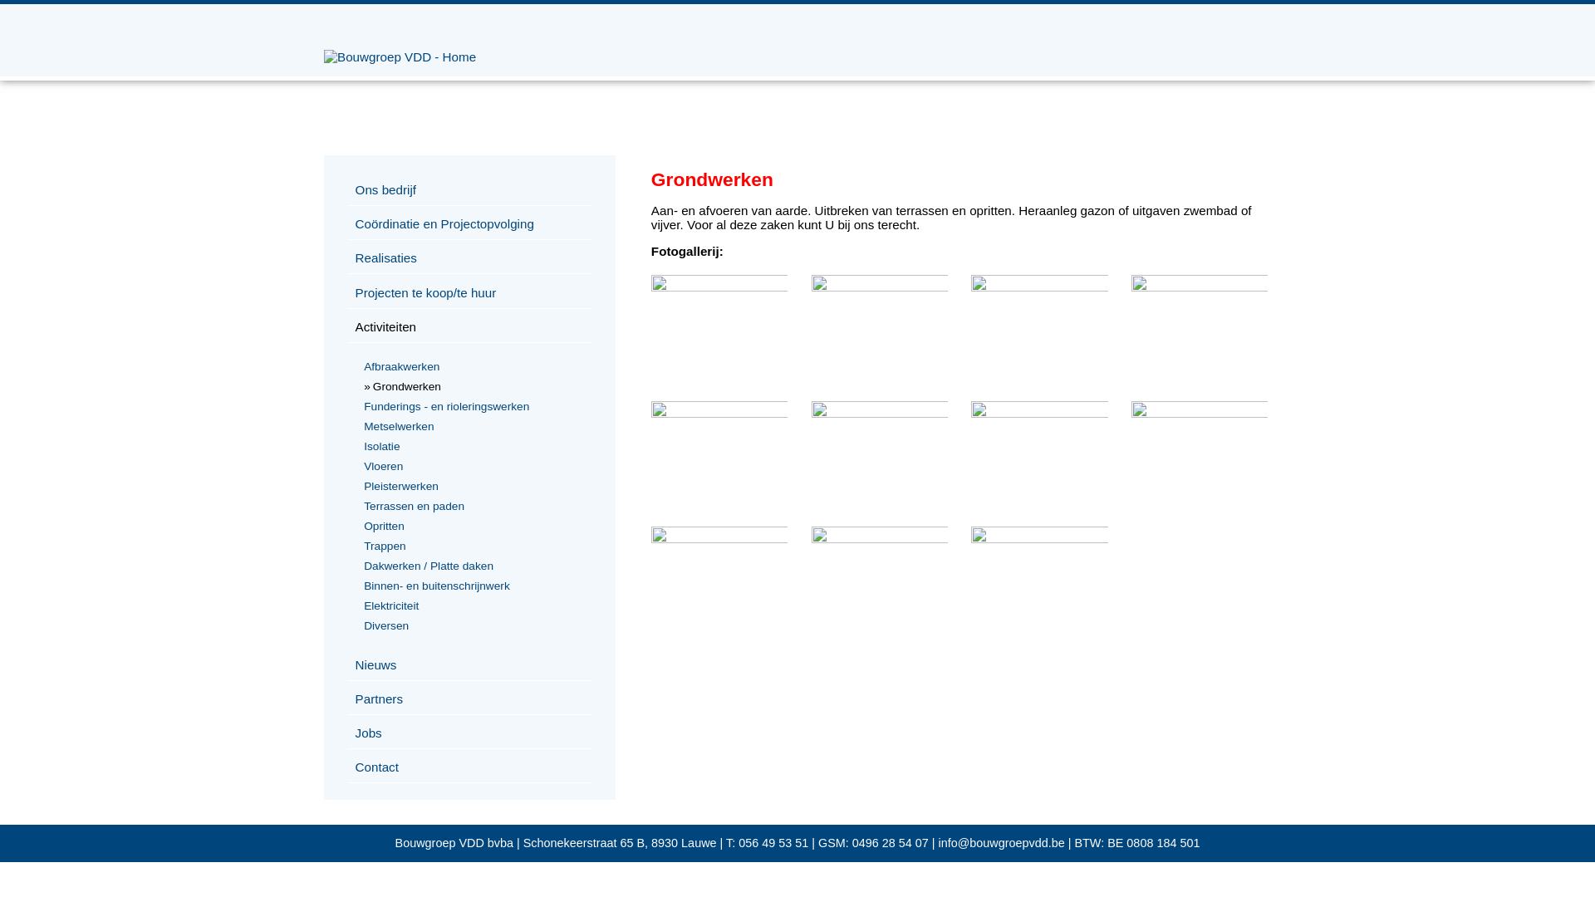  Describe the element at coordinates (469, 733) in the screenshot. I see `'Jobs'` at that location.